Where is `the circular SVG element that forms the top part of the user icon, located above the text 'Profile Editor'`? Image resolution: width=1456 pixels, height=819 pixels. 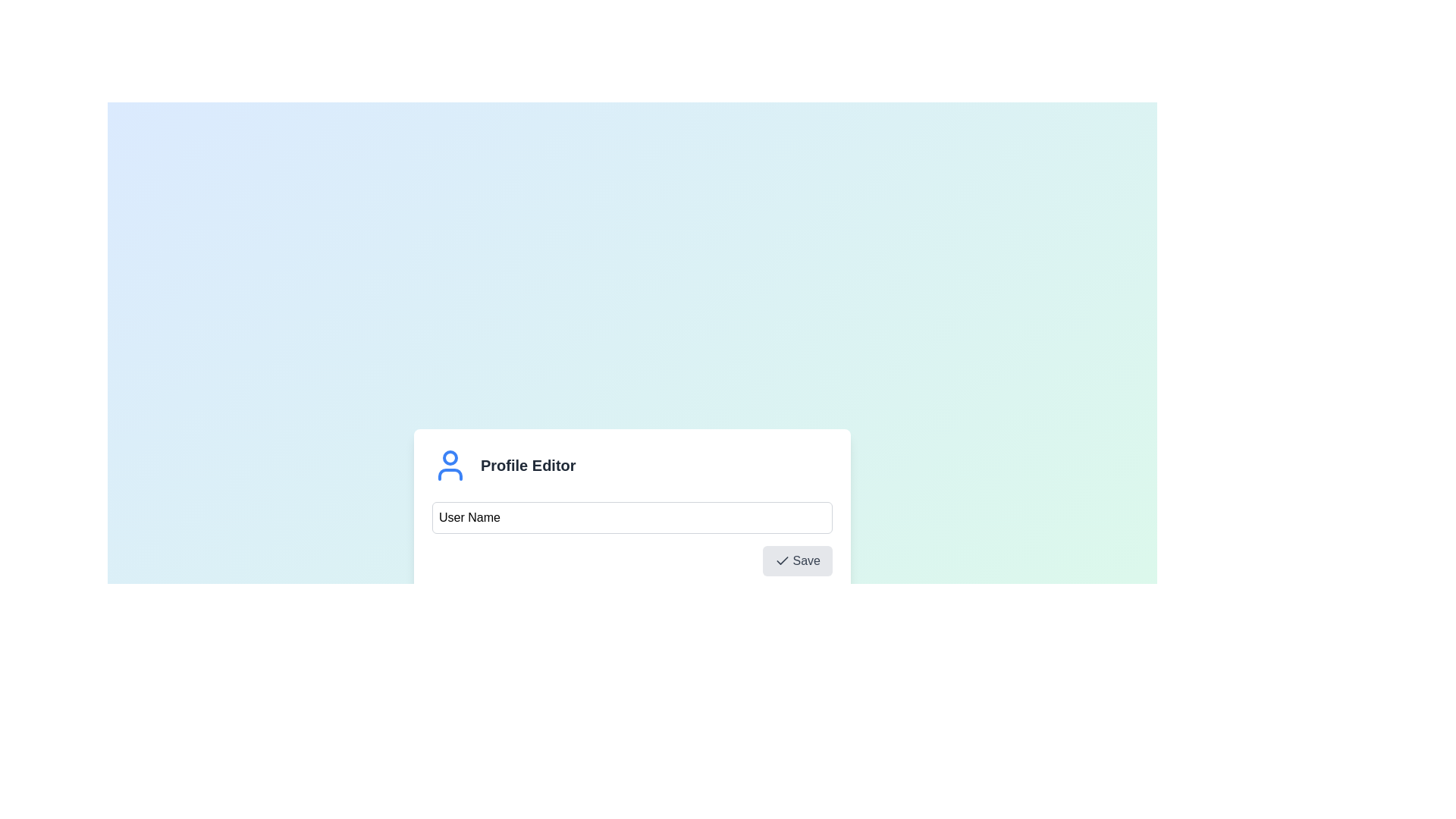 the circular SVG element that forms the top part of the user icon, located above the text 'Profile Editor' is located at coordinates (450, 457).